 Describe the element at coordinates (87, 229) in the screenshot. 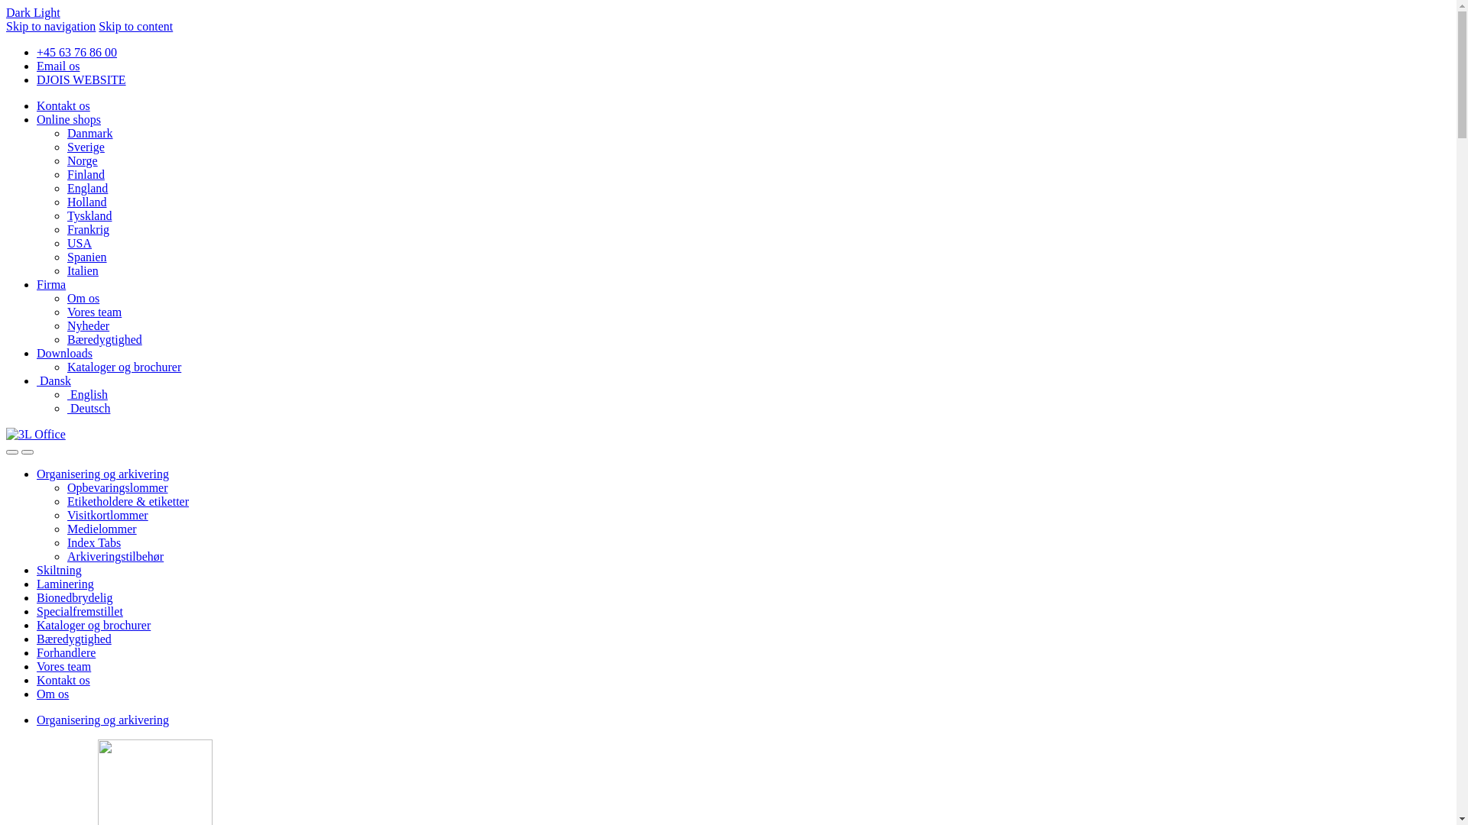

I see `'Frankrig'` at that location.